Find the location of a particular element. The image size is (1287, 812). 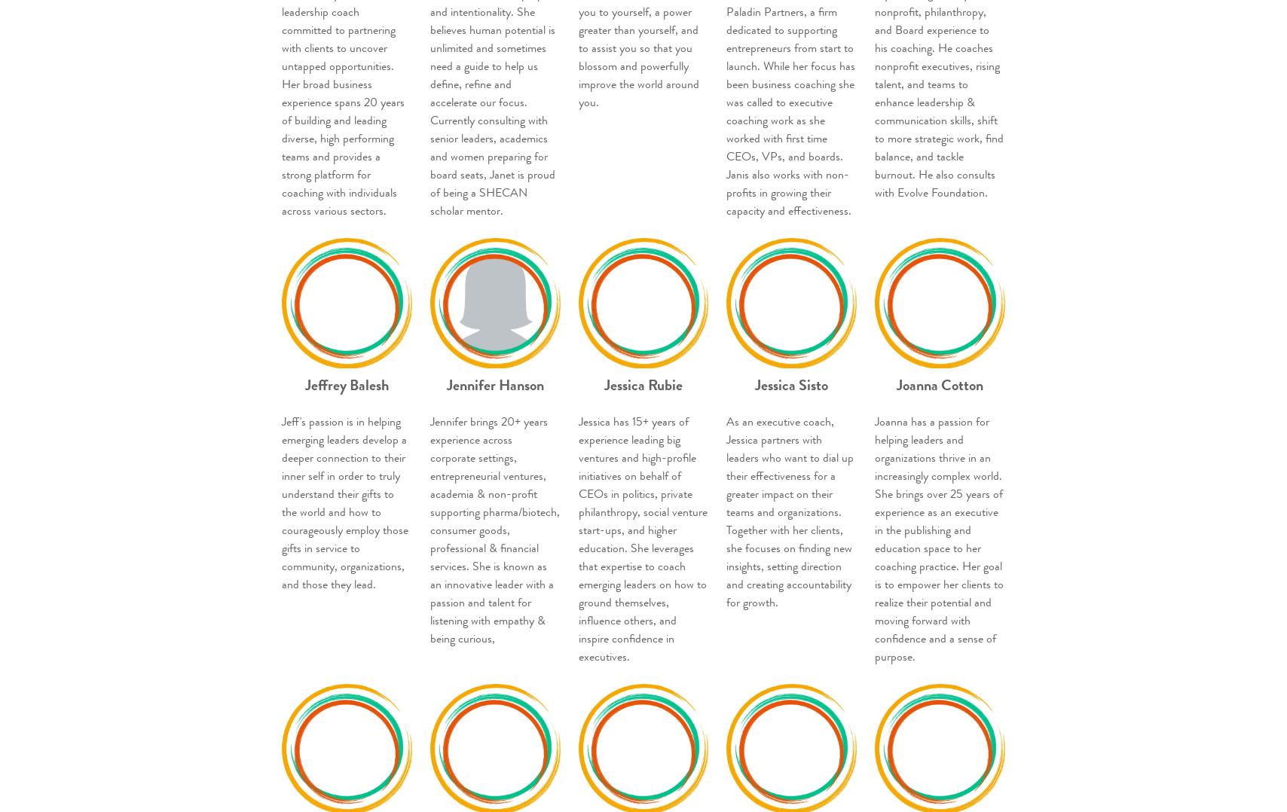

'As an executive coach, Jessica partners with leaders who want to dial up their effectiveness for a greater impact on their teams and organizations. Together with her clients, she focuses on finding new insights, setting direction and creating accountability for growth.' is located at coordinates (790, 511).